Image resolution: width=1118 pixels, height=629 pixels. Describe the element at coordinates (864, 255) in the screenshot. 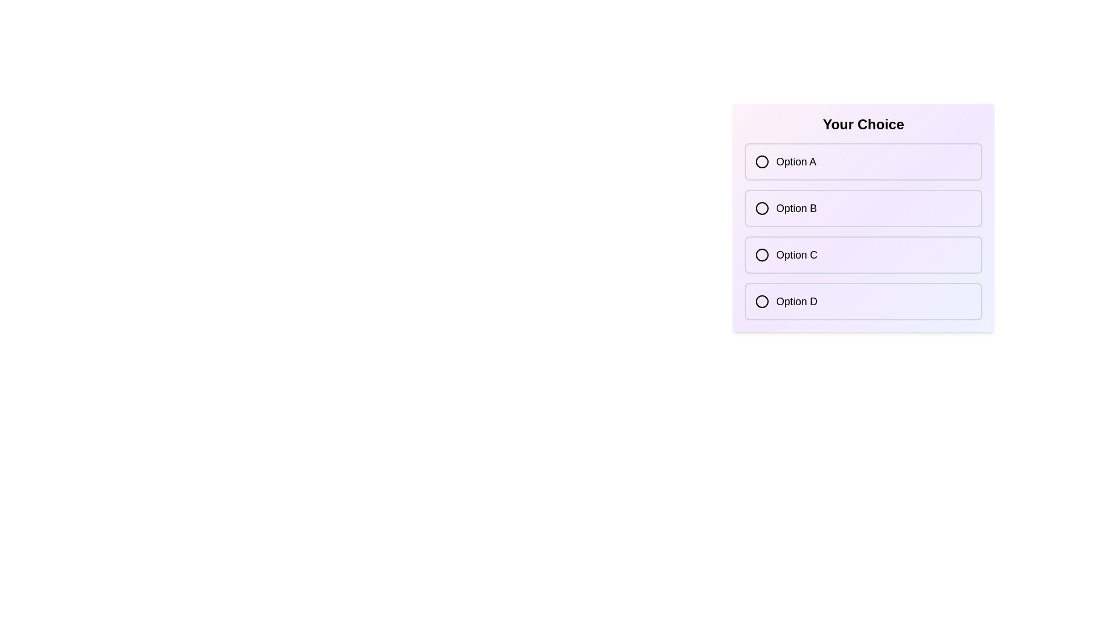

I see `the option Option C to observe the hover effect` at that location.